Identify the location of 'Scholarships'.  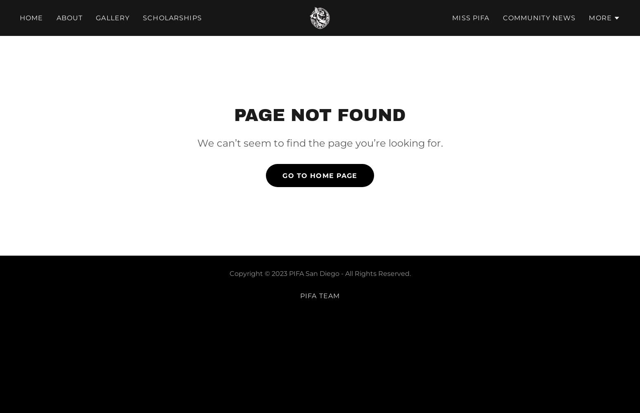
(172, 17).